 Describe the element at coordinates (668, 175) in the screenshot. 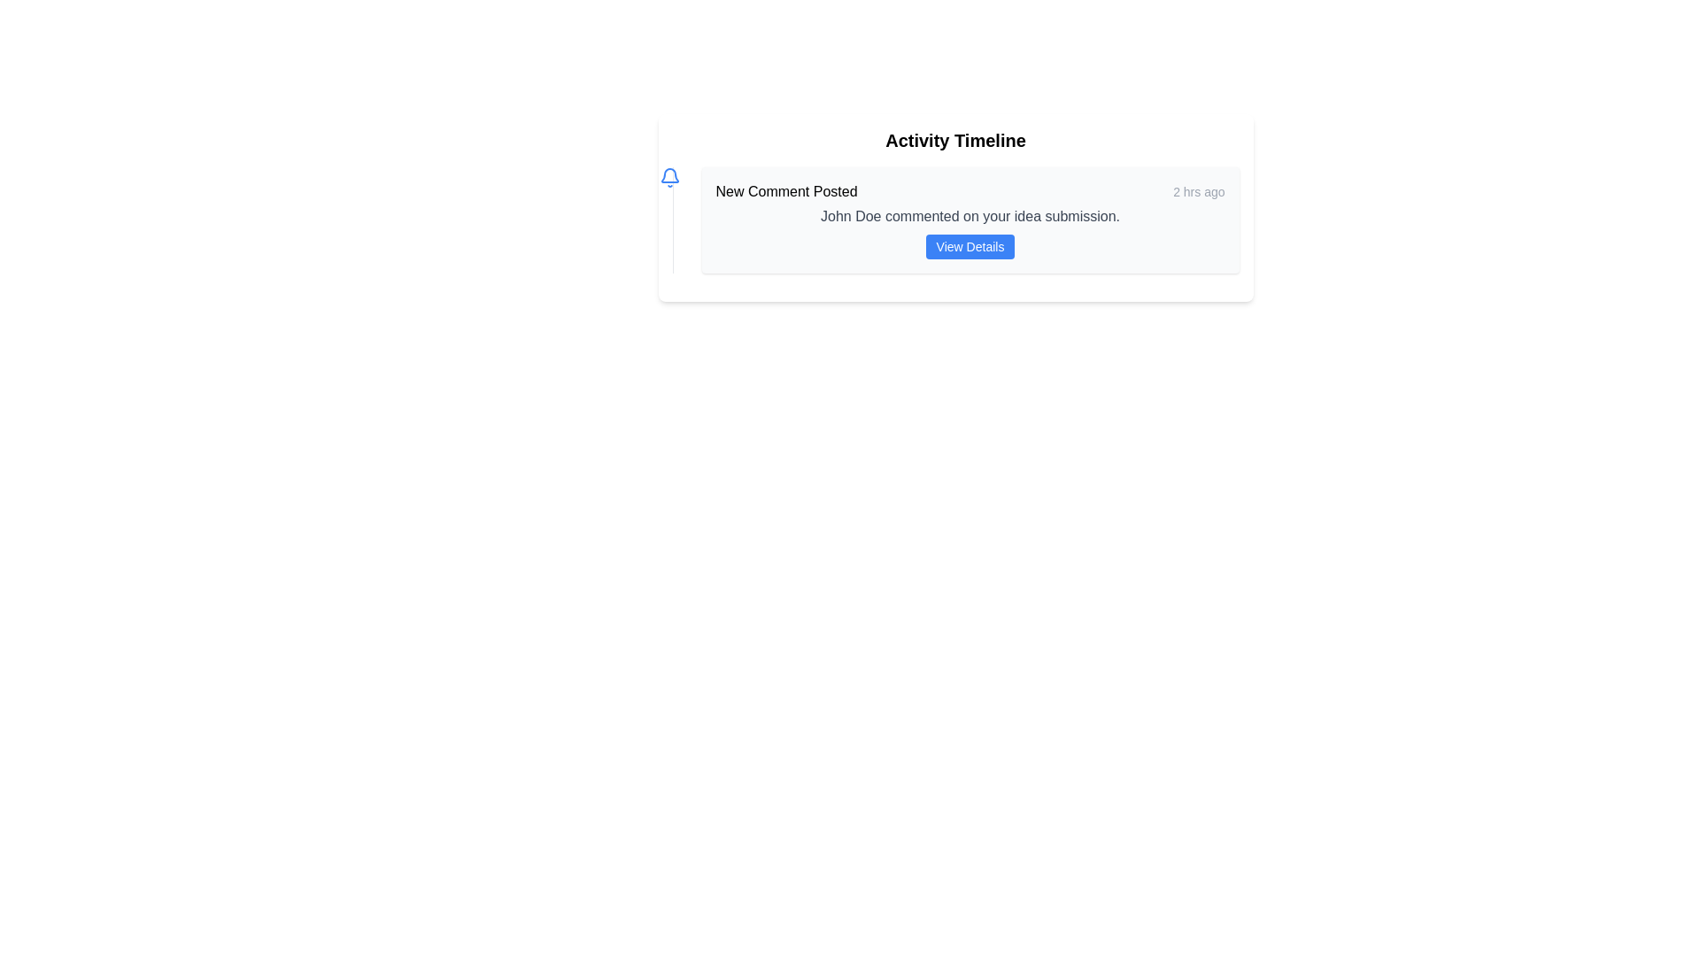

I see `the notification indicator icon located in the top-left area of the 'Activity Timeline' section, which signals new alerts or updates` at that location.